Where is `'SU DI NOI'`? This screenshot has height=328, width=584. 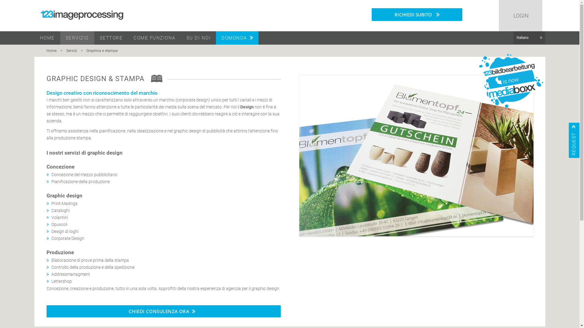
'SU DI NOI' is located at coordinates (198, 38).